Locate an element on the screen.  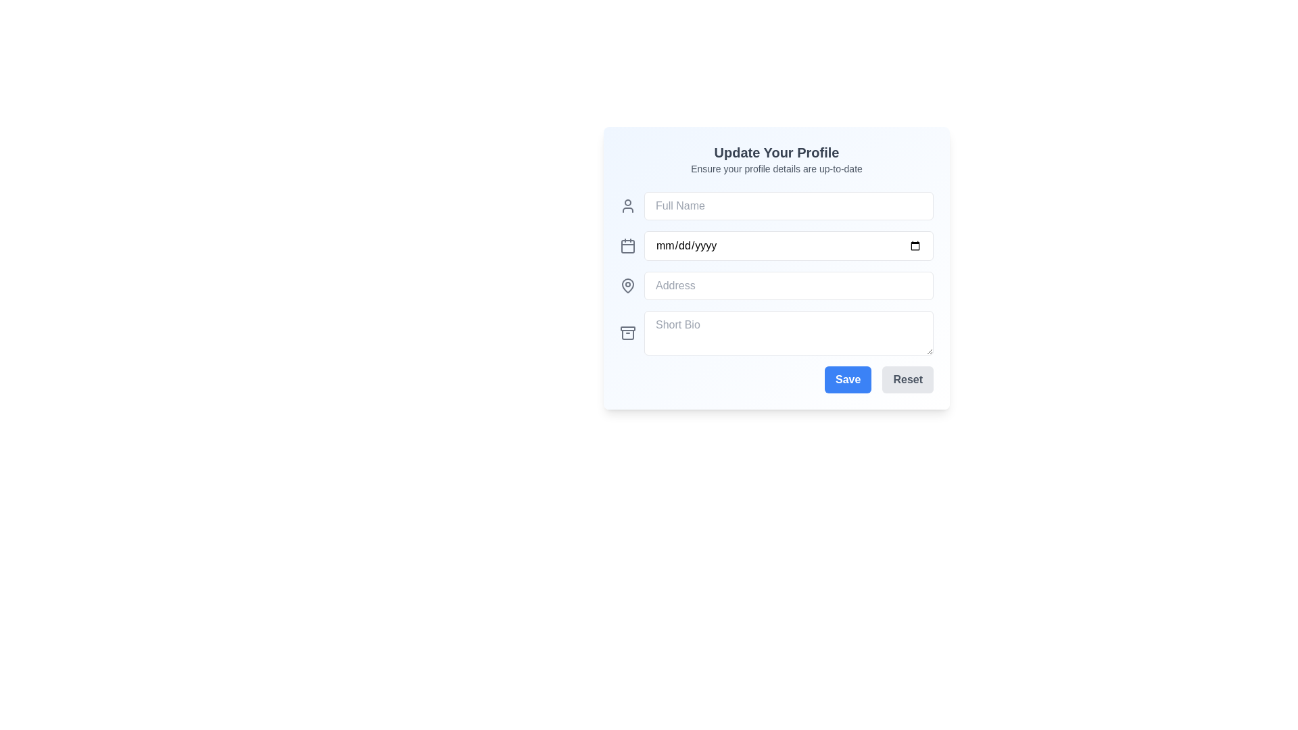
the text heading labeled 'Update Your Profile', which is prominently displayed at the top of the form interface is located at coordinates (776, 152).